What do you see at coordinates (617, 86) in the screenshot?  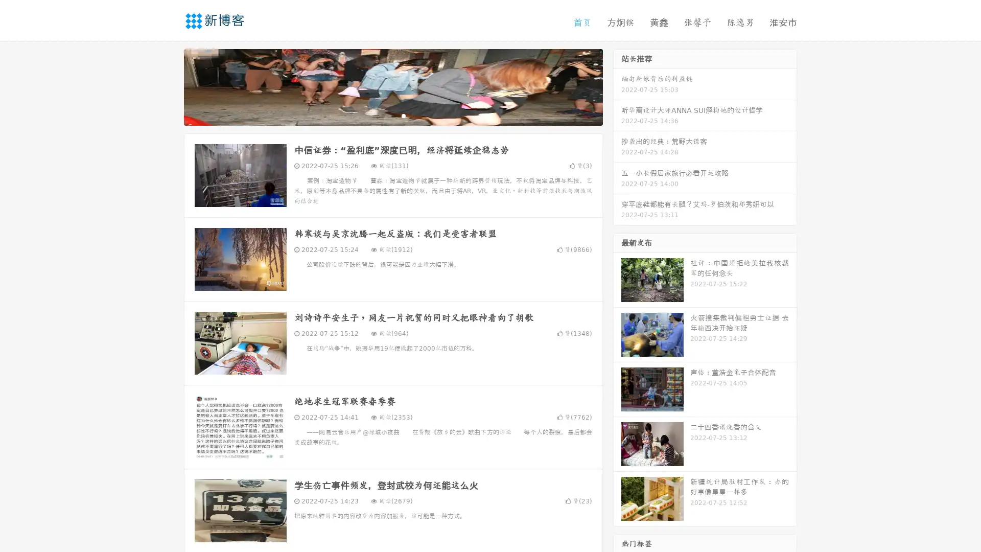 I see `Next slide` at bounding box center [617, 86].